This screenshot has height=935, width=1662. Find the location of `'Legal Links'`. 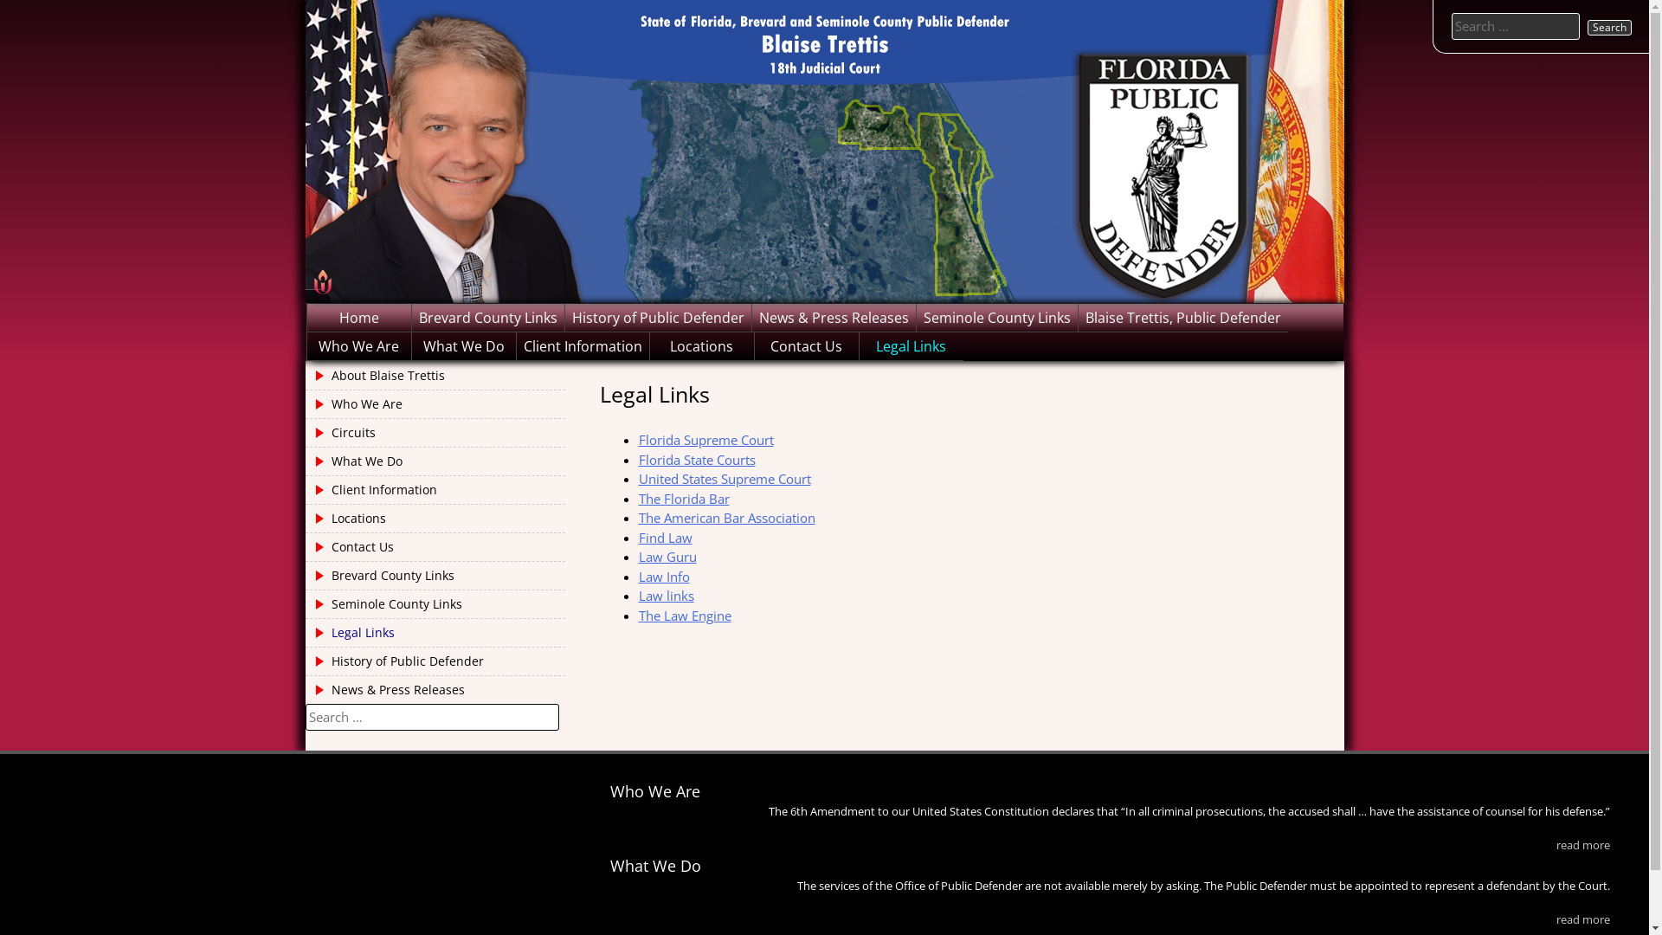

'Legal Links' is located at coordinates (859, 346).